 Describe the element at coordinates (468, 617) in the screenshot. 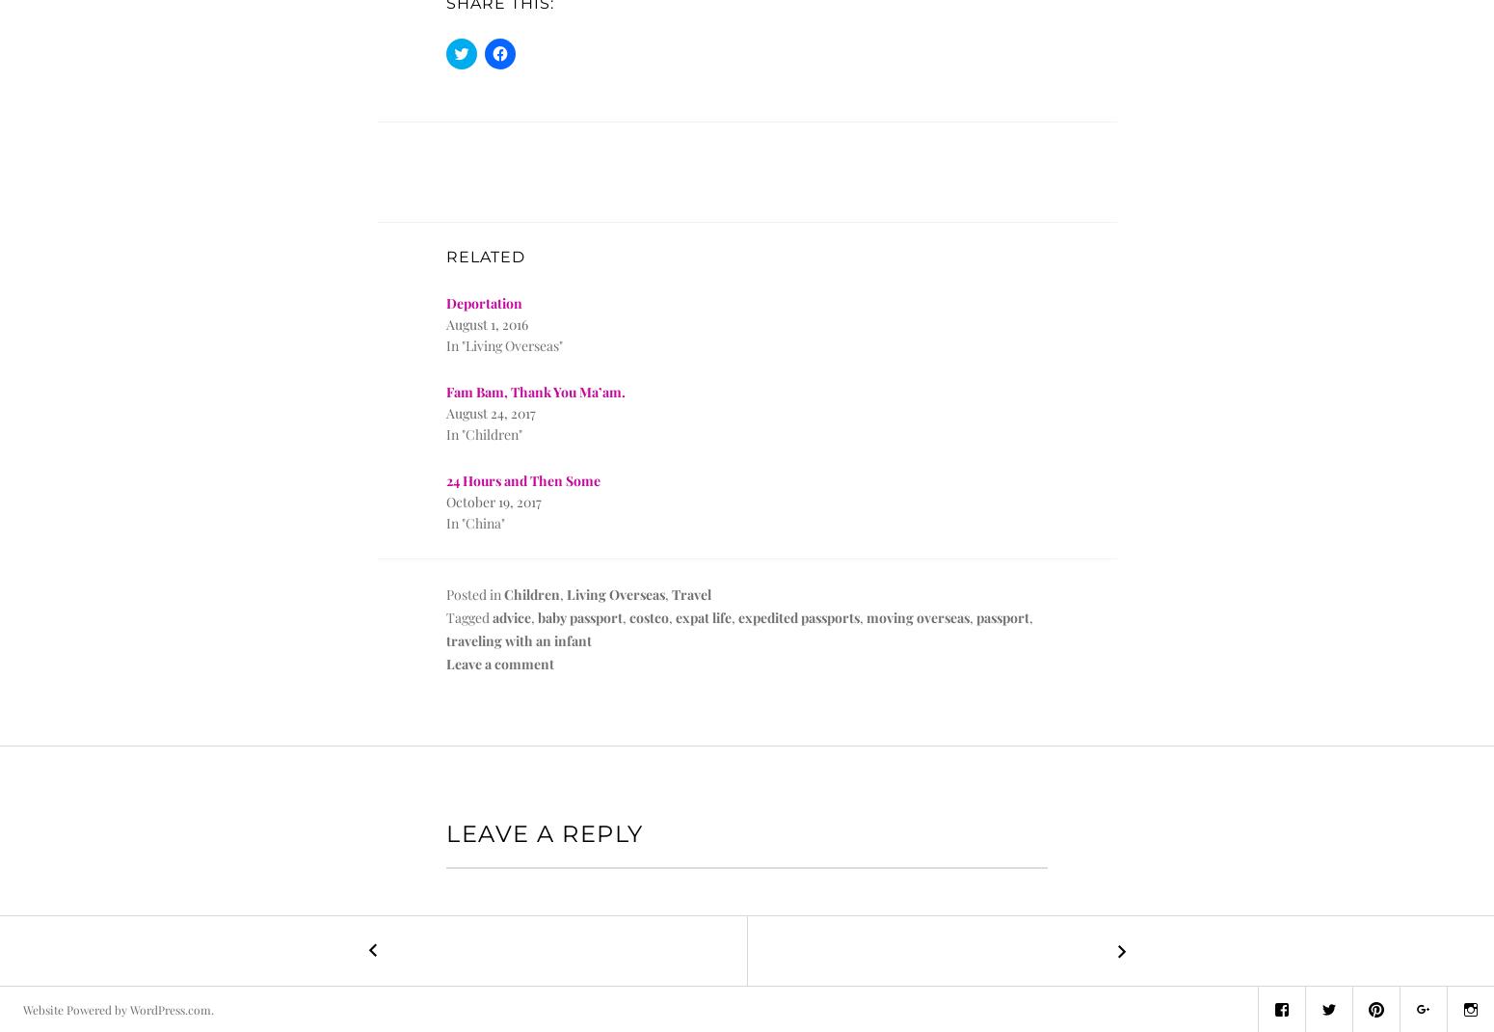

I see `'Tagged'` at that location.